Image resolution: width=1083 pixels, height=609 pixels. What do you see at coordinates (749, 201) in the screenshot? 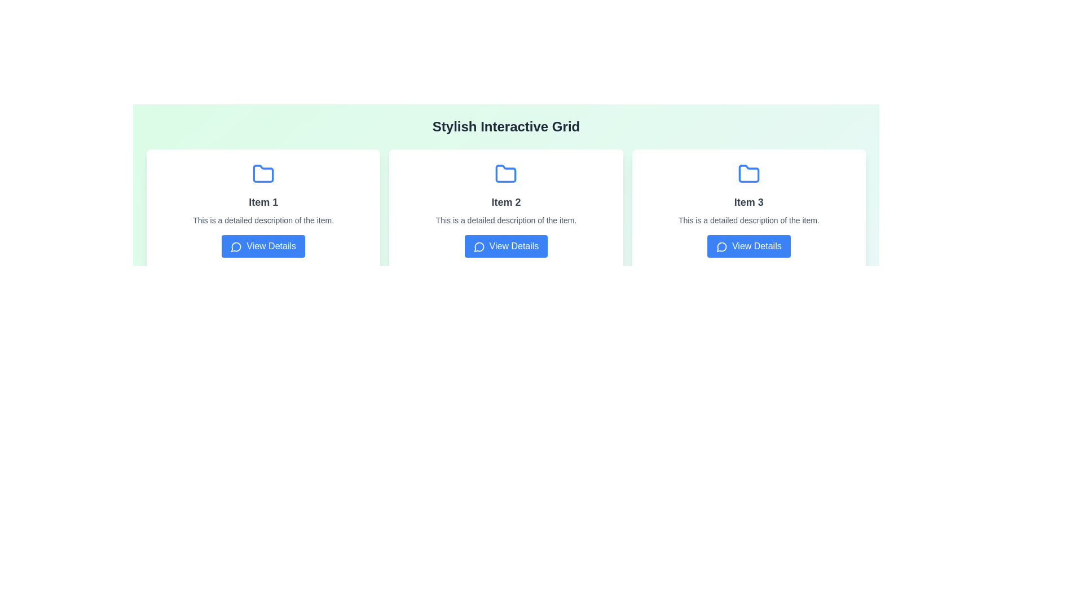
I see `the text label 'Item 3' which is located in the third column of a card layout, positioned below an icon and above a descriptive paragraph` at bounding box center [749, 201].